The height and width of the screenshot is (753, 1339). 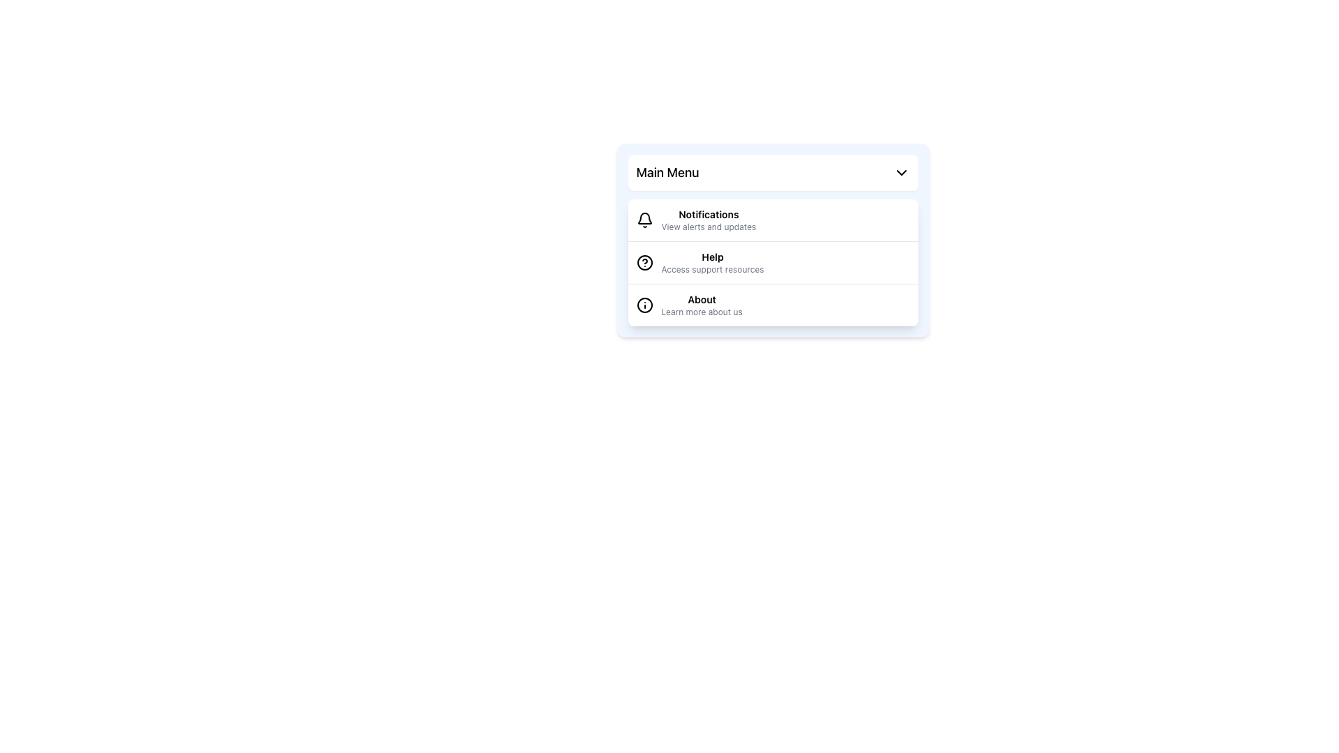 I want to click on the circular shape representing the information or help symbol in the 'About' section of the main menu dropdown, so click(x=644, y=305).